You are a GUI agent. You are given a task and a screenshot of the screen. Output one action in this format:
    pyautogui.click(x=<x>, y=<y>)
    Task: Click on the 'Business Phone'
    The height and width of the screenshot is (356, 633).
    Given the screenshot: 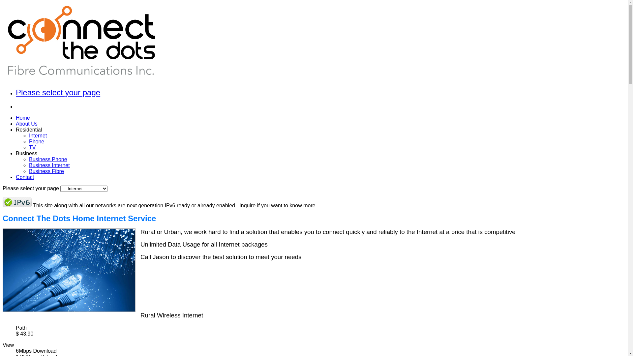 What is the action you would take?
    pyautogui.click(x=47, y=159)
    